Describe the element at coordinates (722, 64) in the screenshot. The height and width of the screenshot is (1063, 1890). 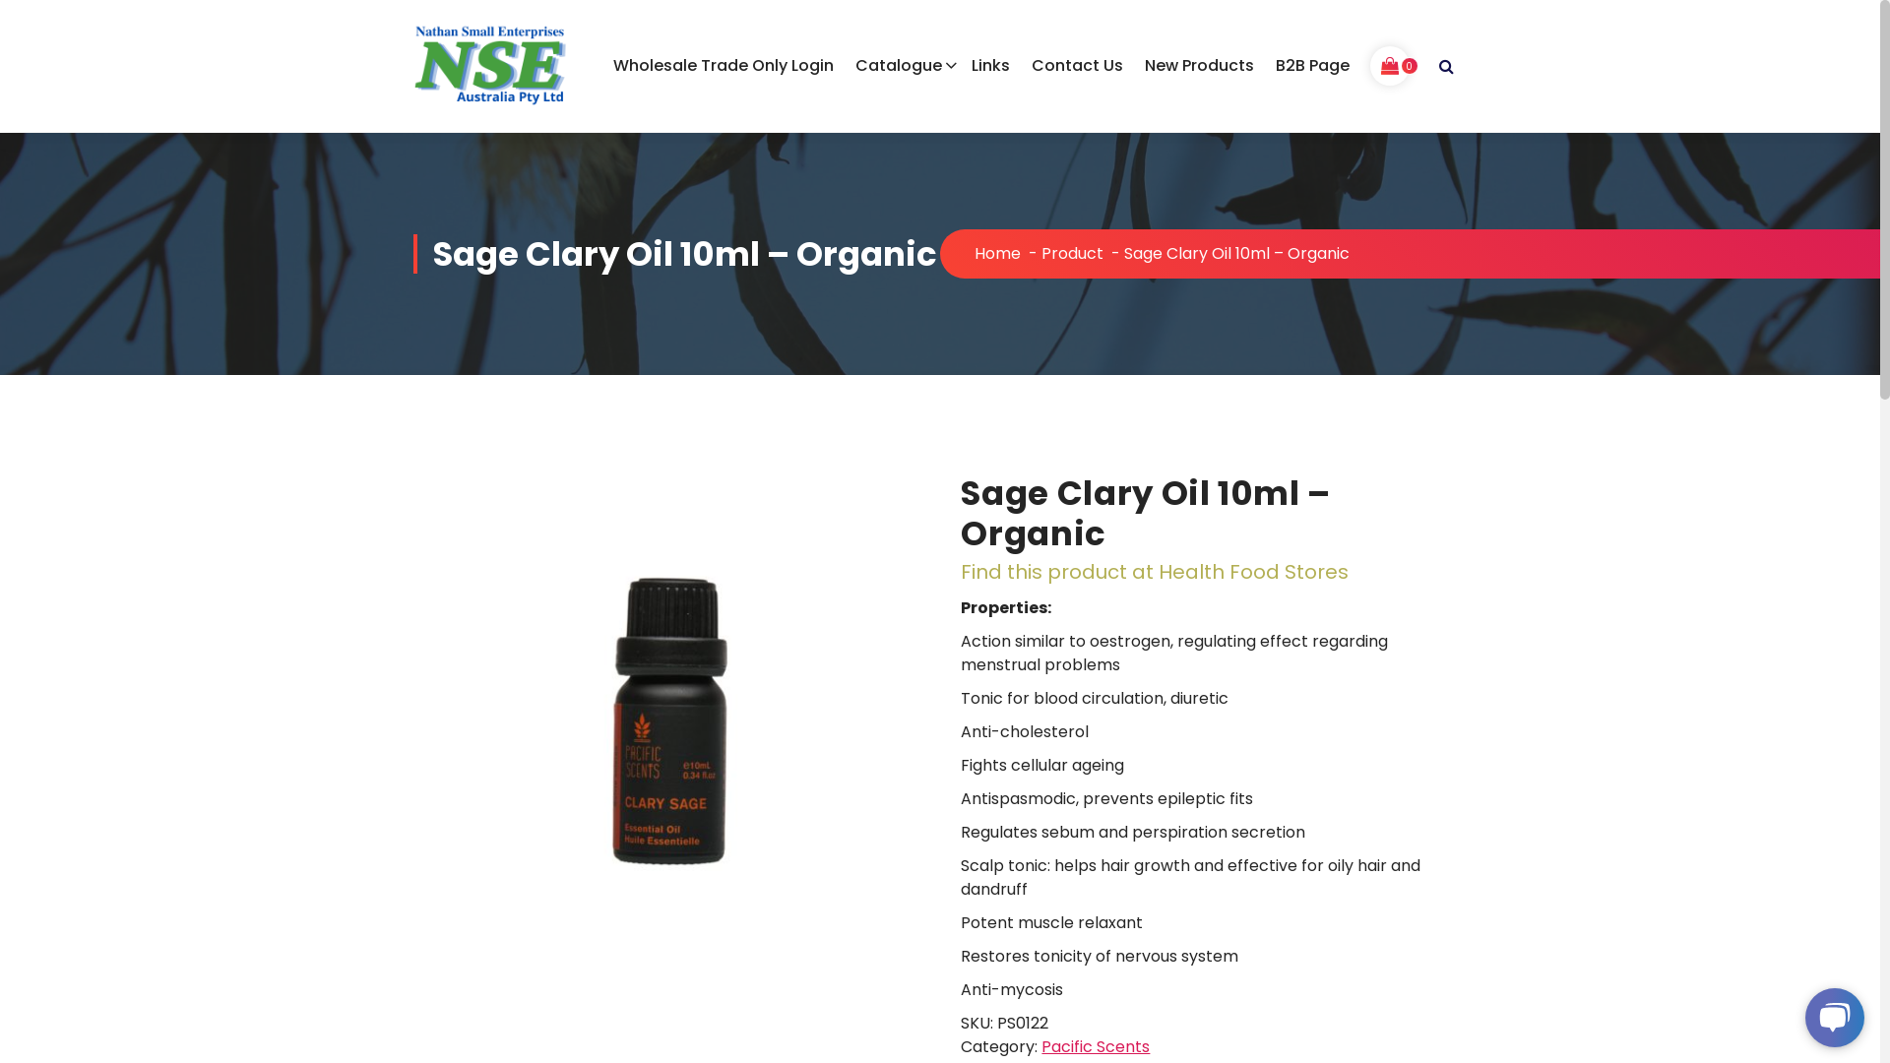
I see `'Wholesale Trade Only Login'` at that location.